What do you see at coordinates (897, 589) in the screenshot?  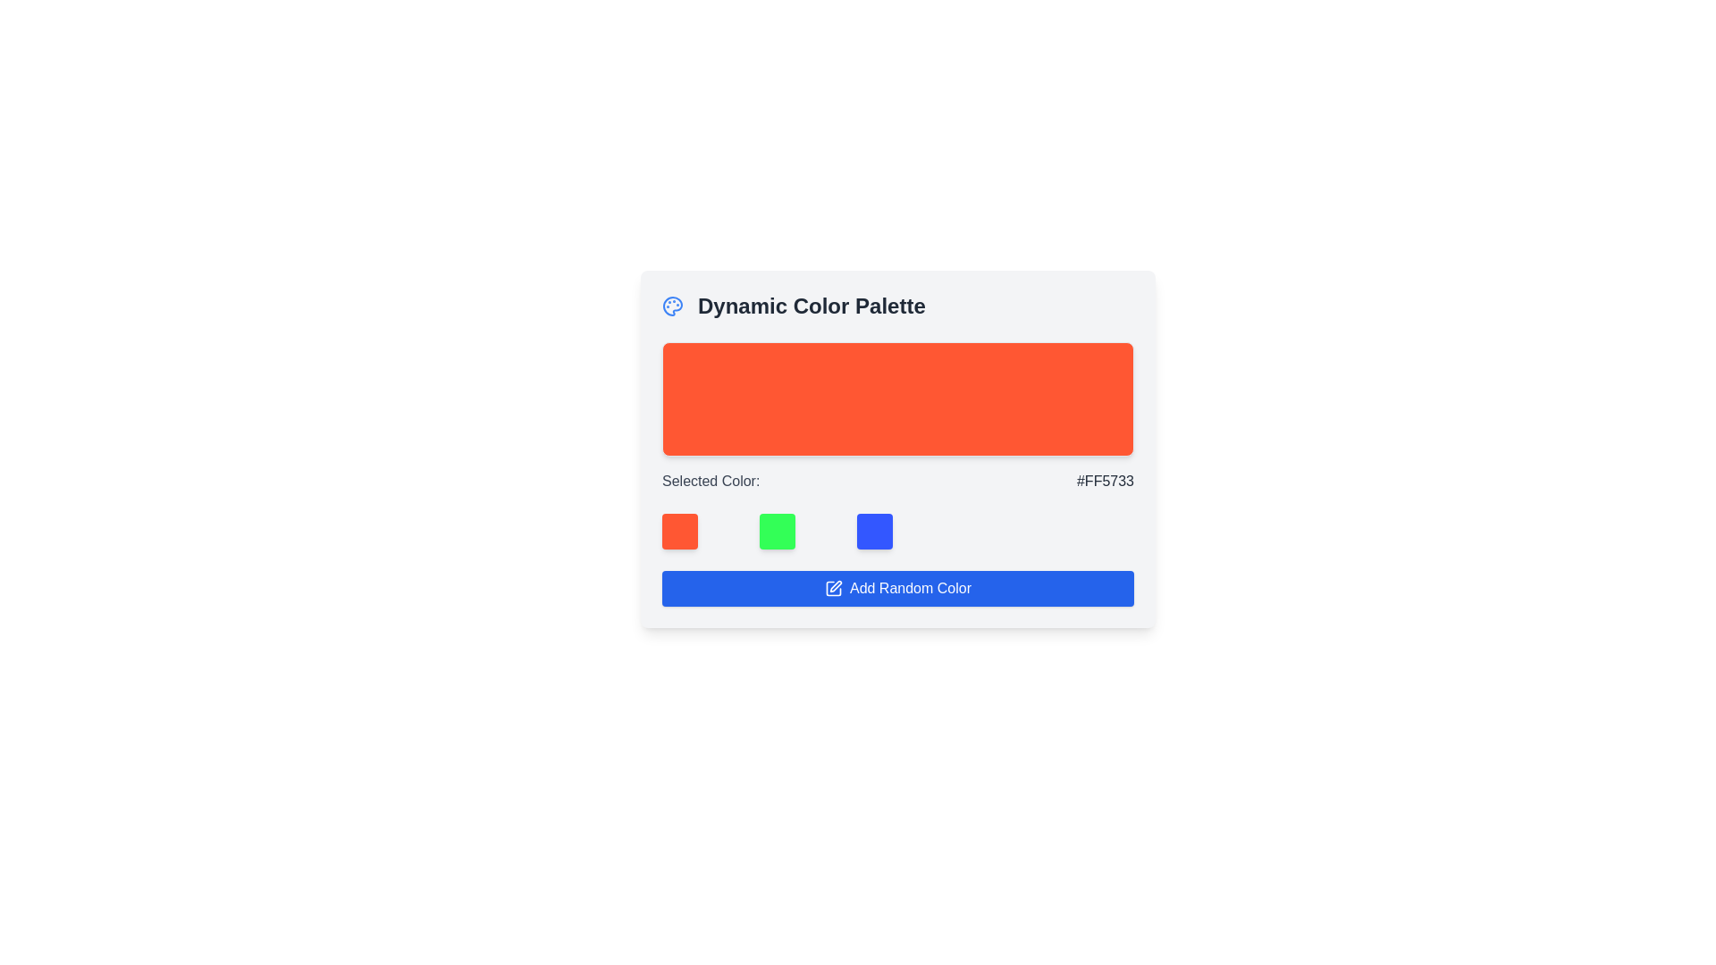 I see `the 'Add Random Color' button, which is a blue button with white text and an icon of a pen and square, located at the bottom of the 'Dynamic Color Palette' card` at bounding box center [897, 589].